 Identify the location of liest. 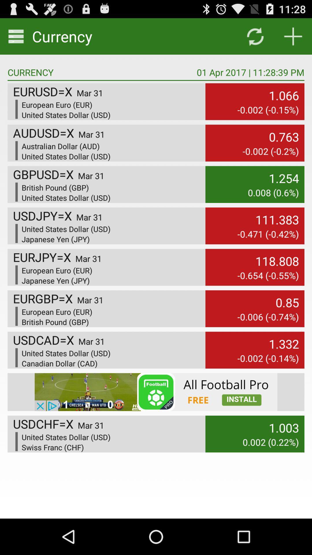
(293, 36).